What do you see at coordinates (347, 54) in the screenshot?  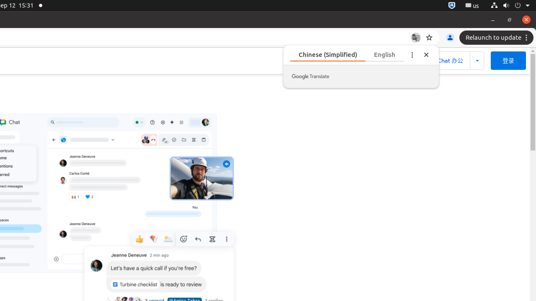 I see `'Chinese (Simplified)'` at bounding box center [347, 54].